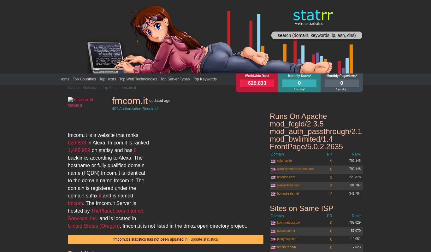 This screenshot has height=252, width=431. Describe the element at coordinates (141, 226) in the screenshot. I see `'is not listed in the dmoz open directory project.'` at that location.